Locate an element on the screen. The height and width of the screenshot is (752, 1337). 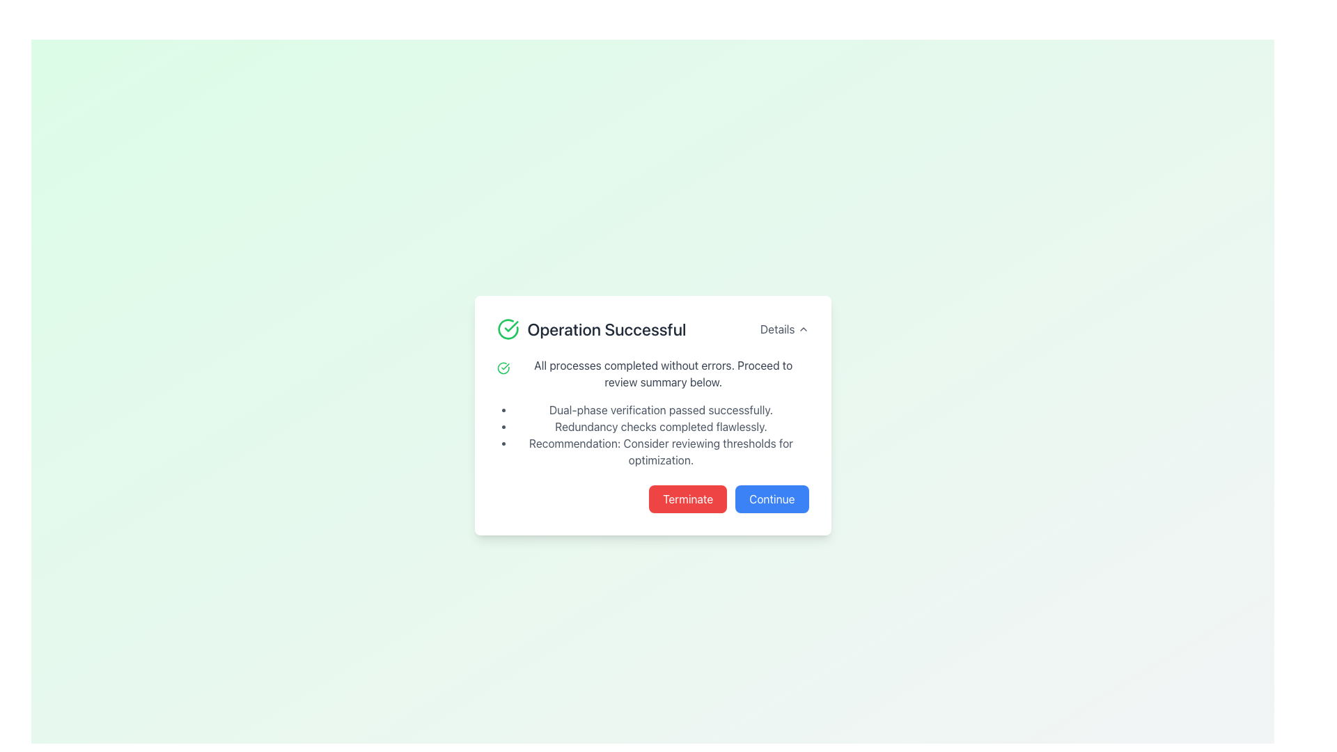
text content of the informational Text block with a bulleted list located within the white rectangular card below the header 'Operation Successful' and above the action buttons 'Terminate' and 'Continue' is located at coordinates (652, 412).